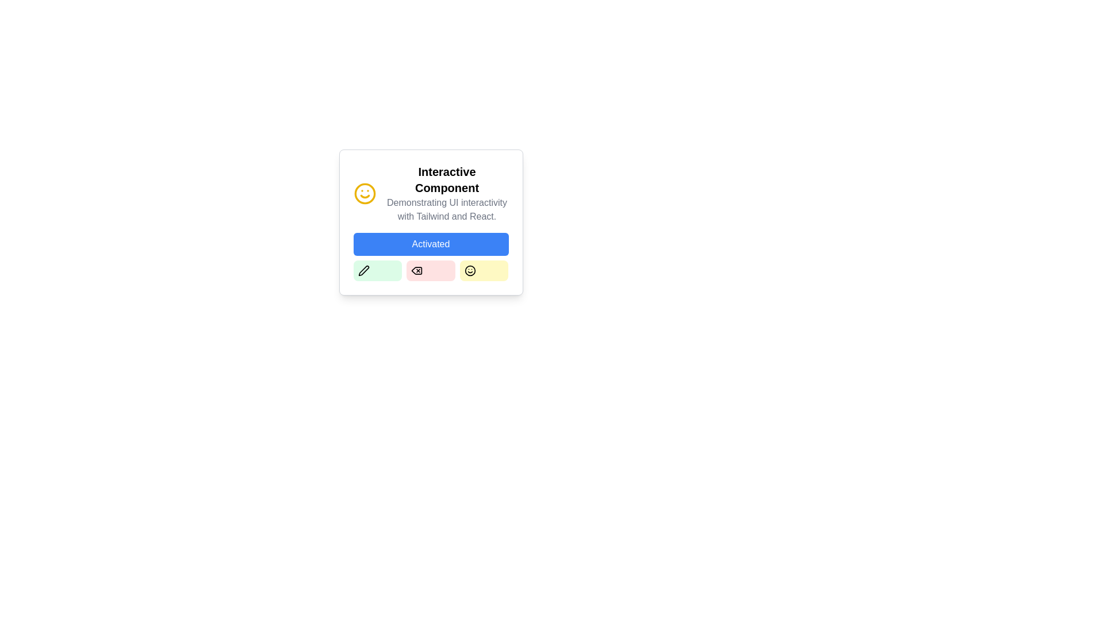  I want to click on the delete icon button located in the bottom control row of the card layout, so click(416, 270).